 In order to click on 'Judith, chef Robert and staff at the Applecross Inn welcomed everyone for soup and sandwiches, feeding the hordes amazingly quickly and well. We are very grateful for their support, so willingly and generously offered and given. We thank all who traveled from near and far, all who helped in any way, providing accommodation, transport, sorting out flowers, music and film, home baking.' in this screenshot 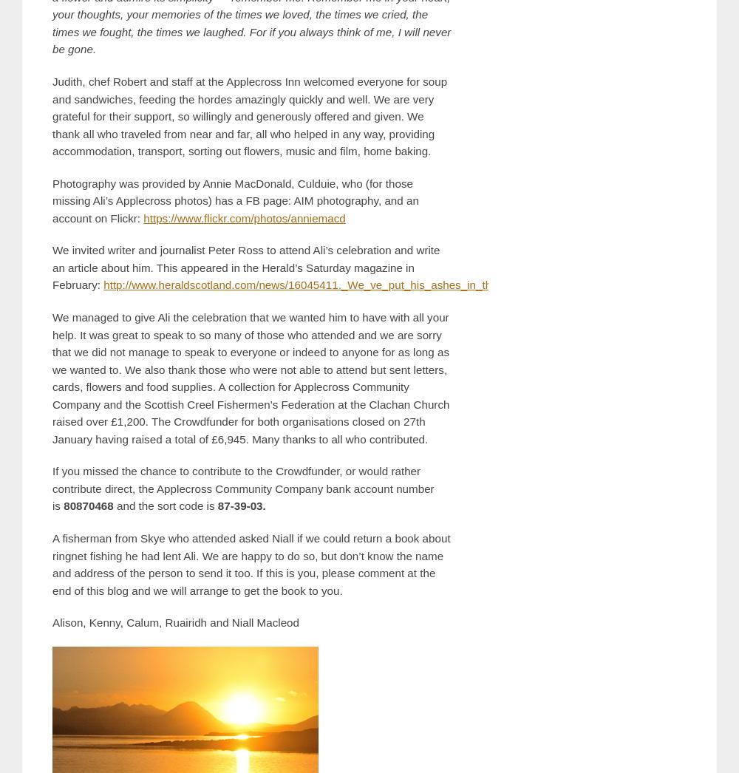, I will do `click(249, 115)`.